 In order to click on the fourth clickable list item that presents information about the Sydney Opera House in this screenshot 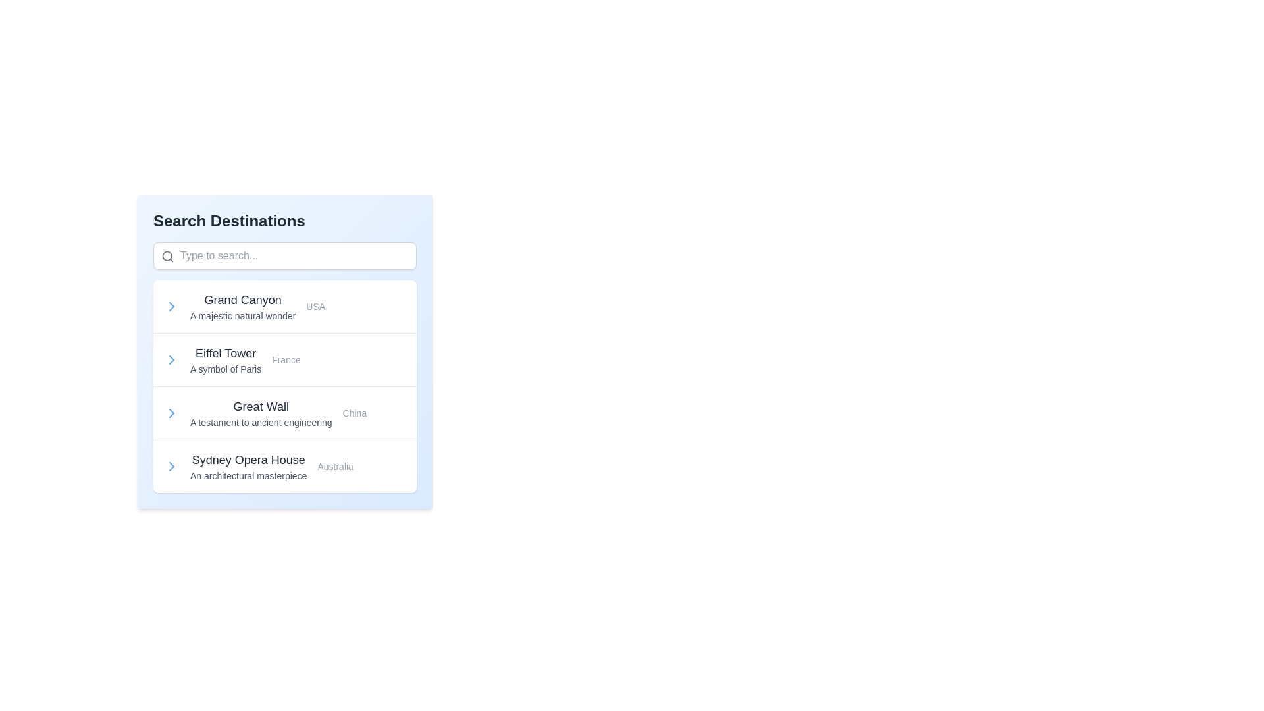, I will do `click(284, 465)`.